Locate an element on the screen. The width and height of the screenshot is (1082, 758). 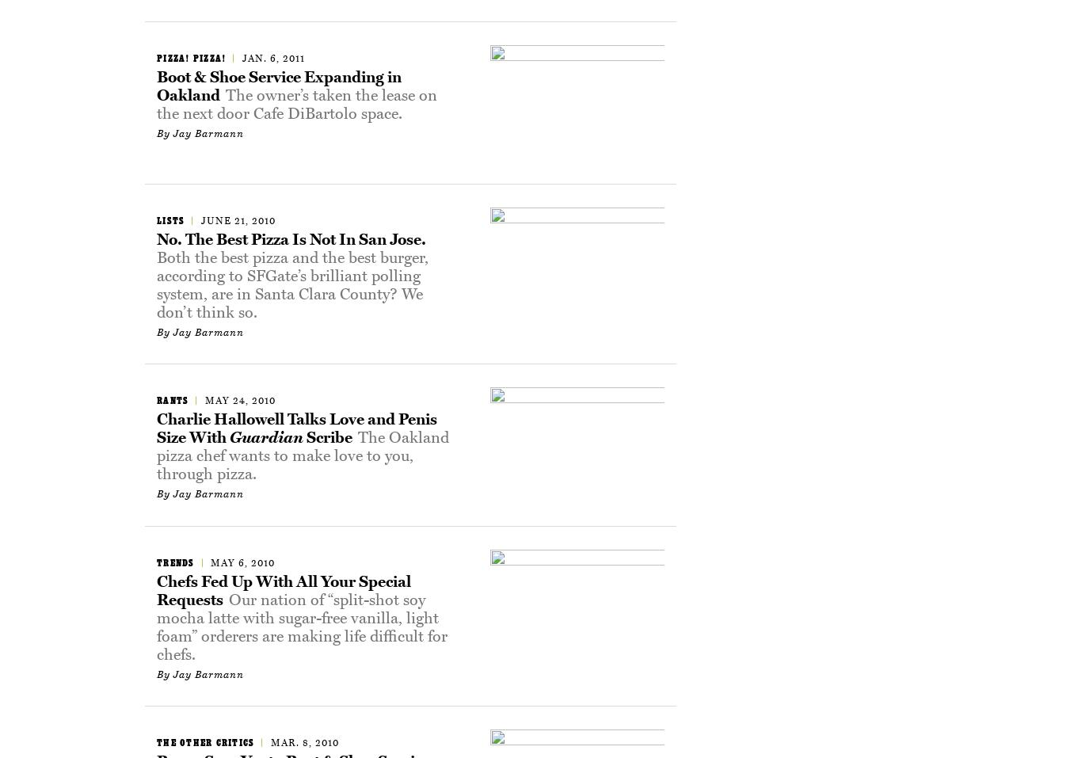
'Scribe' is located at coordinates (303, 436).